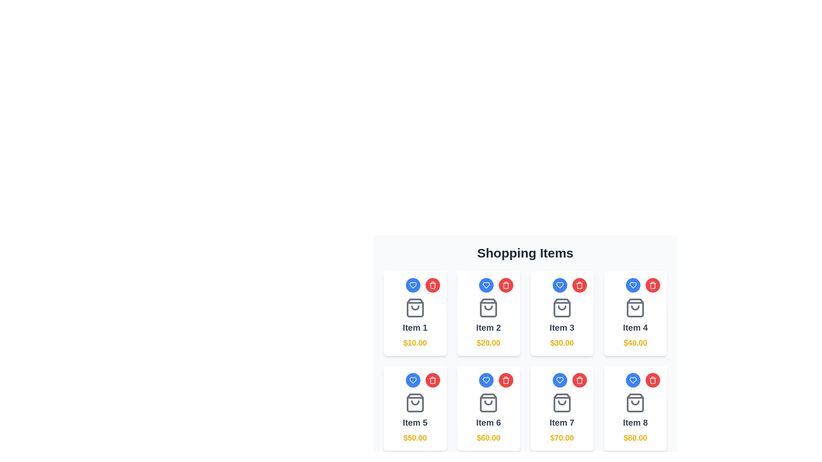  Describe the element at coordinates (633, 379) in the screenshot. I see `the heart-shaped icon outlined in blue and white` at that location.